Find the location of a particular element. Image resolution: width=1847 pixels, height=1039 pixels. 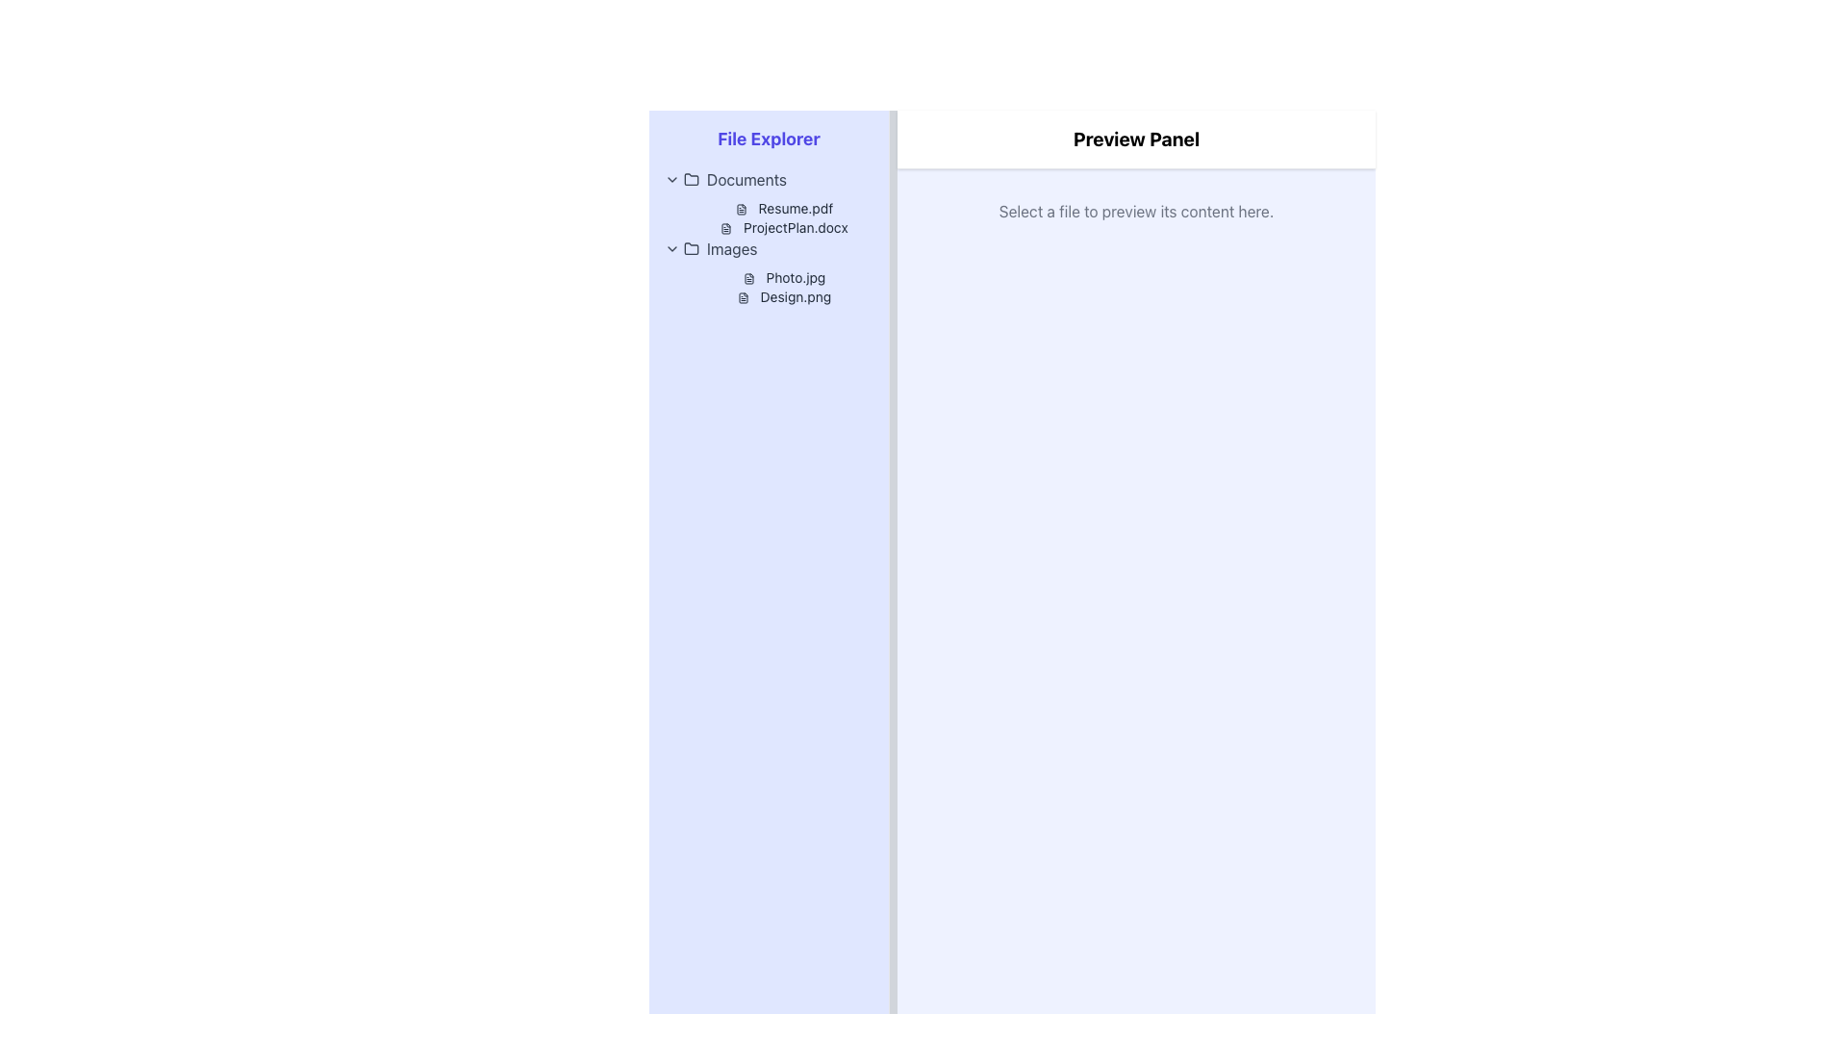

the filename 'Photo.jpg' in the text block containing filenames 'Photo.jpg' and 'Design.png' located in the left-side pane of the file explorer interface is located at coordinates (768, 288).